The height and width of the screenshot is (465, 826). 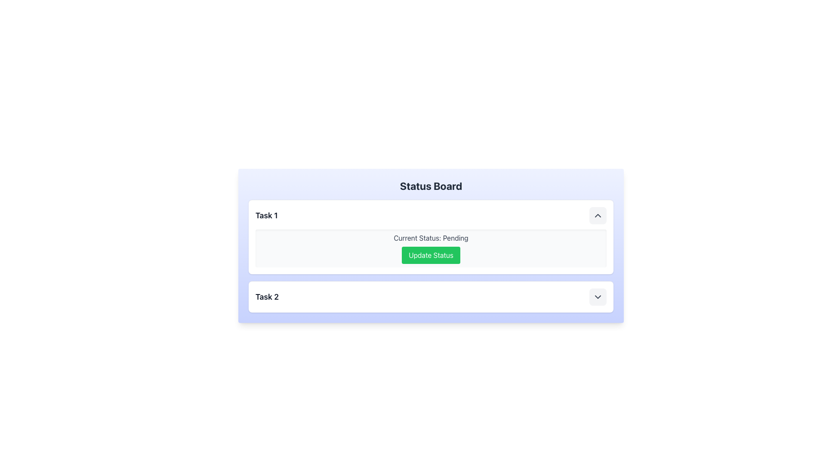 I want to click on the interactive list item for 'Task 2', so click(x=431, y=297).